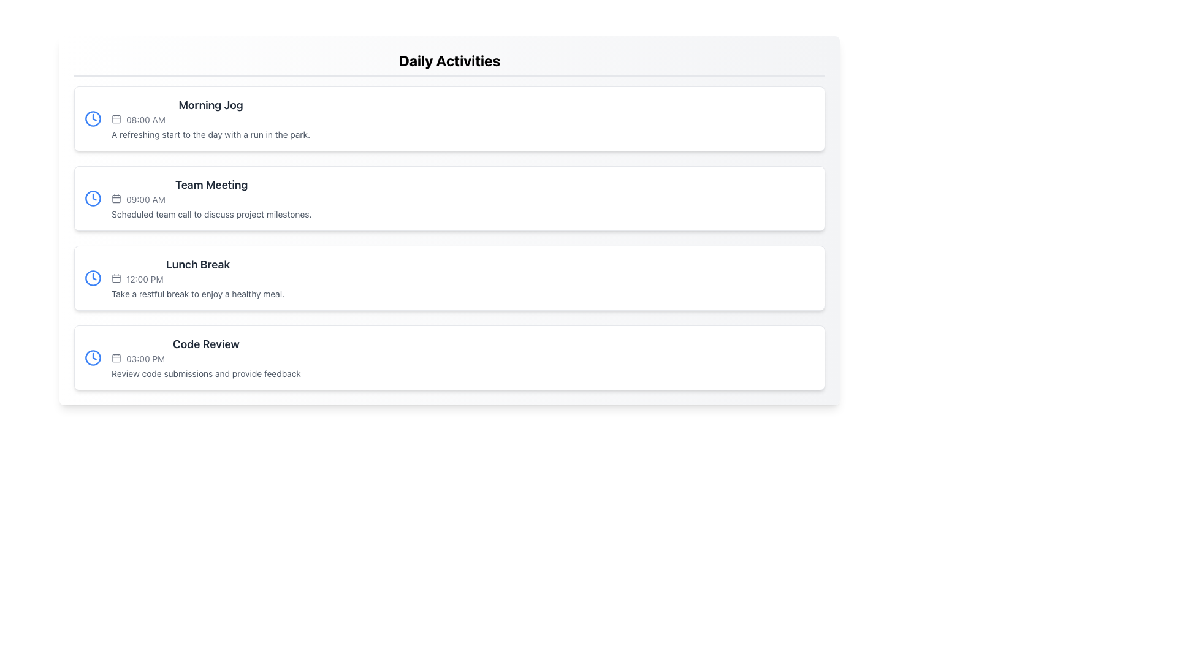  Describe the element at coordinates (116, 278) in the screenshot. I see `the calendar icon located in the 'Lunch Break' section of the daily schedule, which is identified by its minimalist outline and square shape with rounded corners, positioned before the text '12:00 PM'` at that location.